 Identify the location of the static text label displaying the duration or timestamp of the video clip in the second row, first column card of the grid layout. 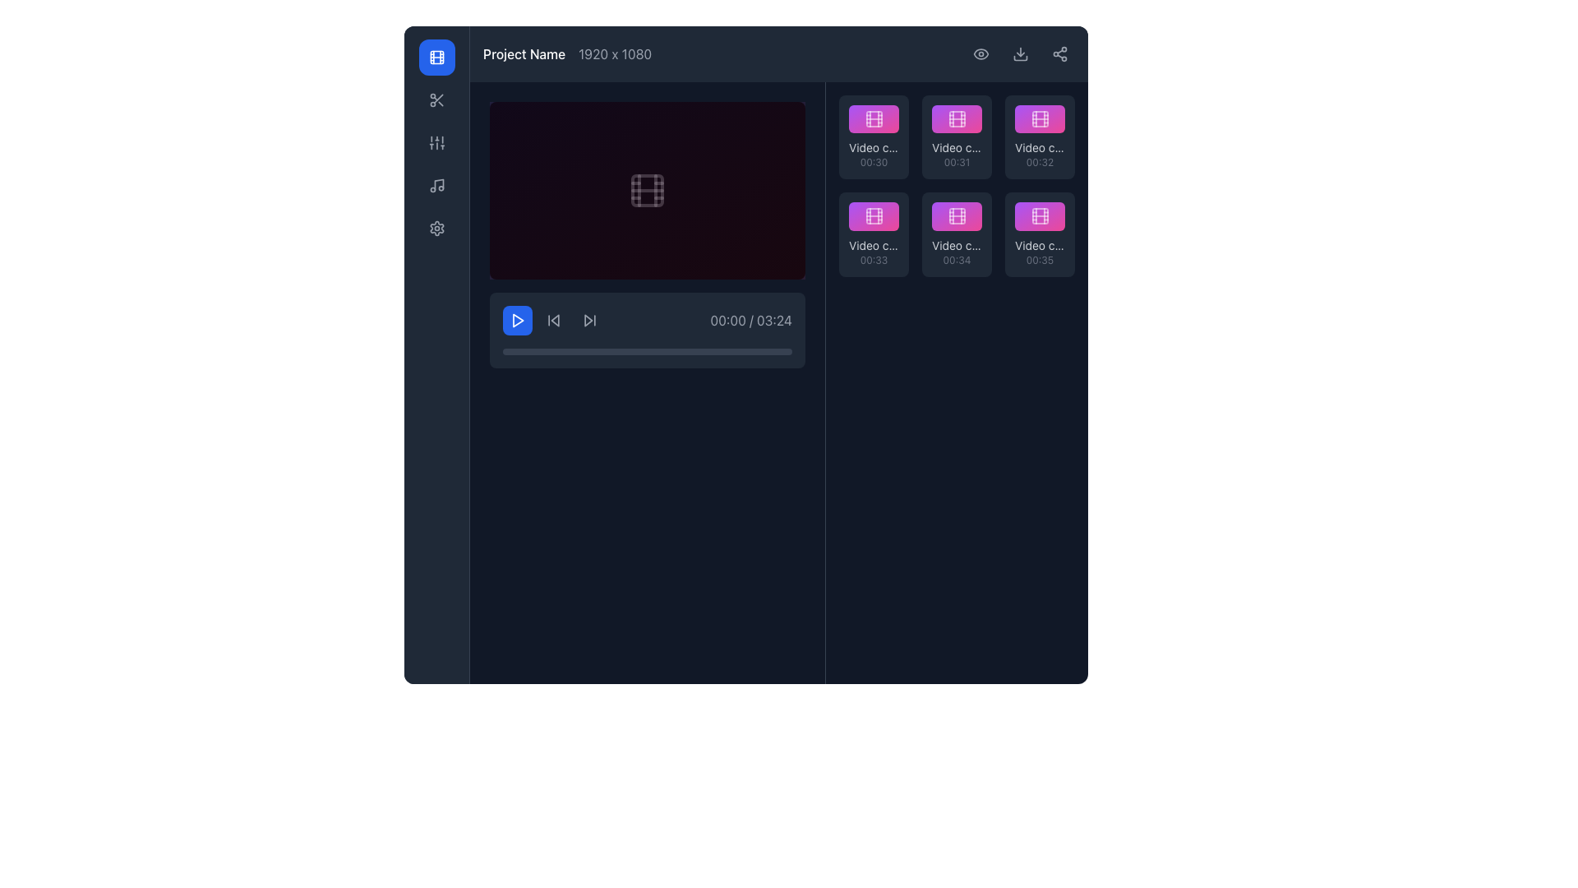
(957, 163).